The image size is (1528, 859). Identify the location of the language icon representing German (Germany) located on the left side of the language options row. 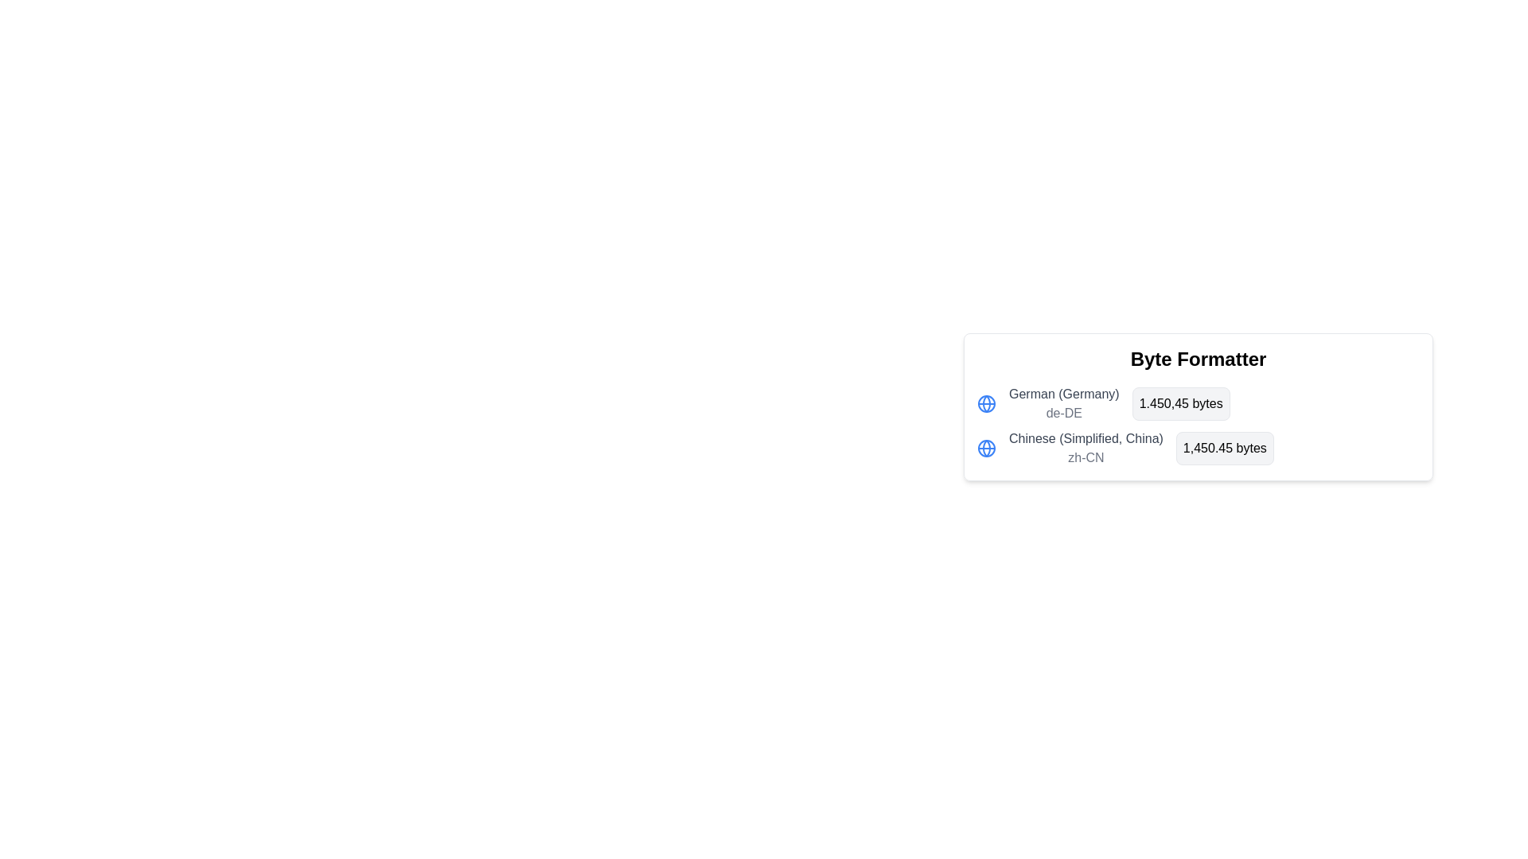
(985, 403).